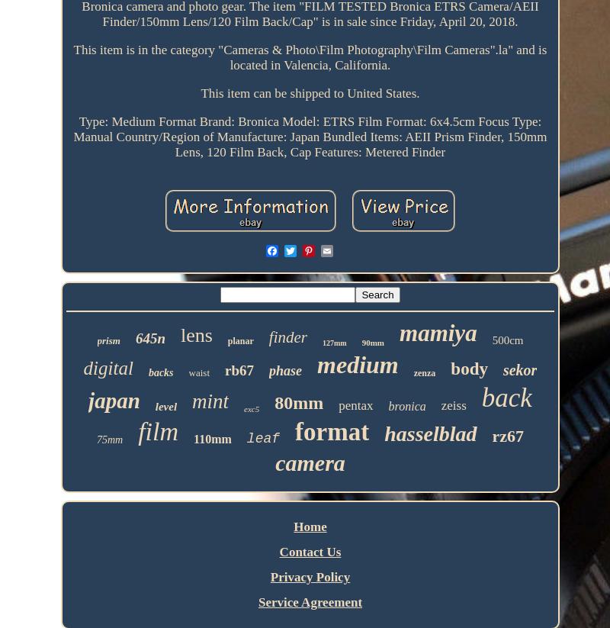 The image size is (610, 628). Describe the element at coordinates (251, 408) in the screenshot. I see `'exc5'` at that location.